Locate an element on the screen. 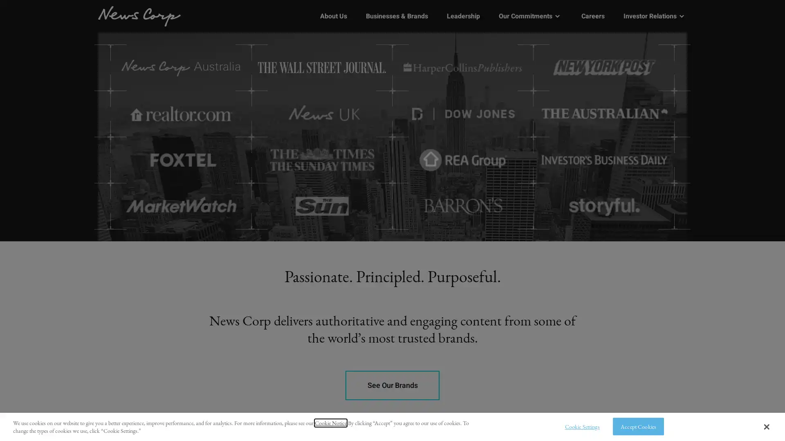 This screenshot has height=441, width=785. Close Banner Button is located at coordinates (766, 426).